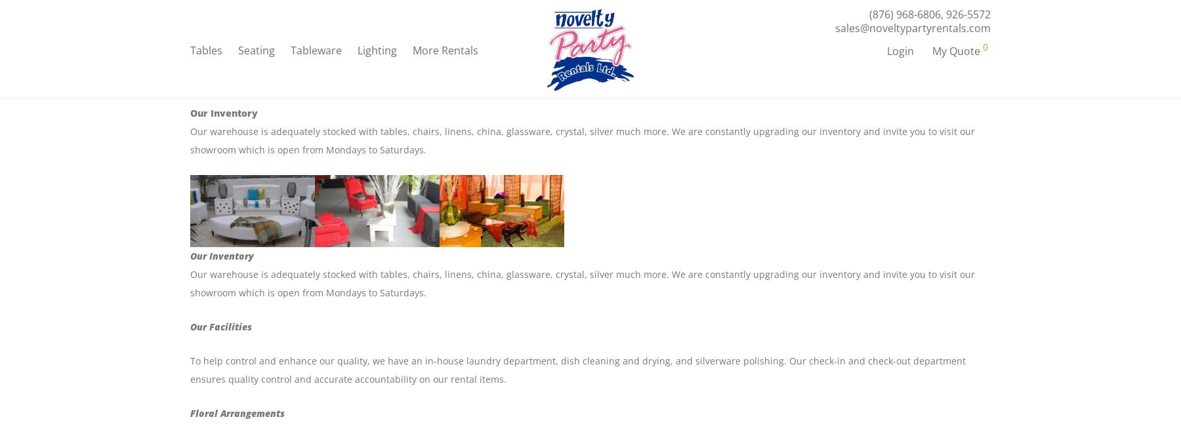  What do you see at coordinates (904, 17) in the screenshot?
I see `'(876) 968-6806'` at bounding box center [904, 17].